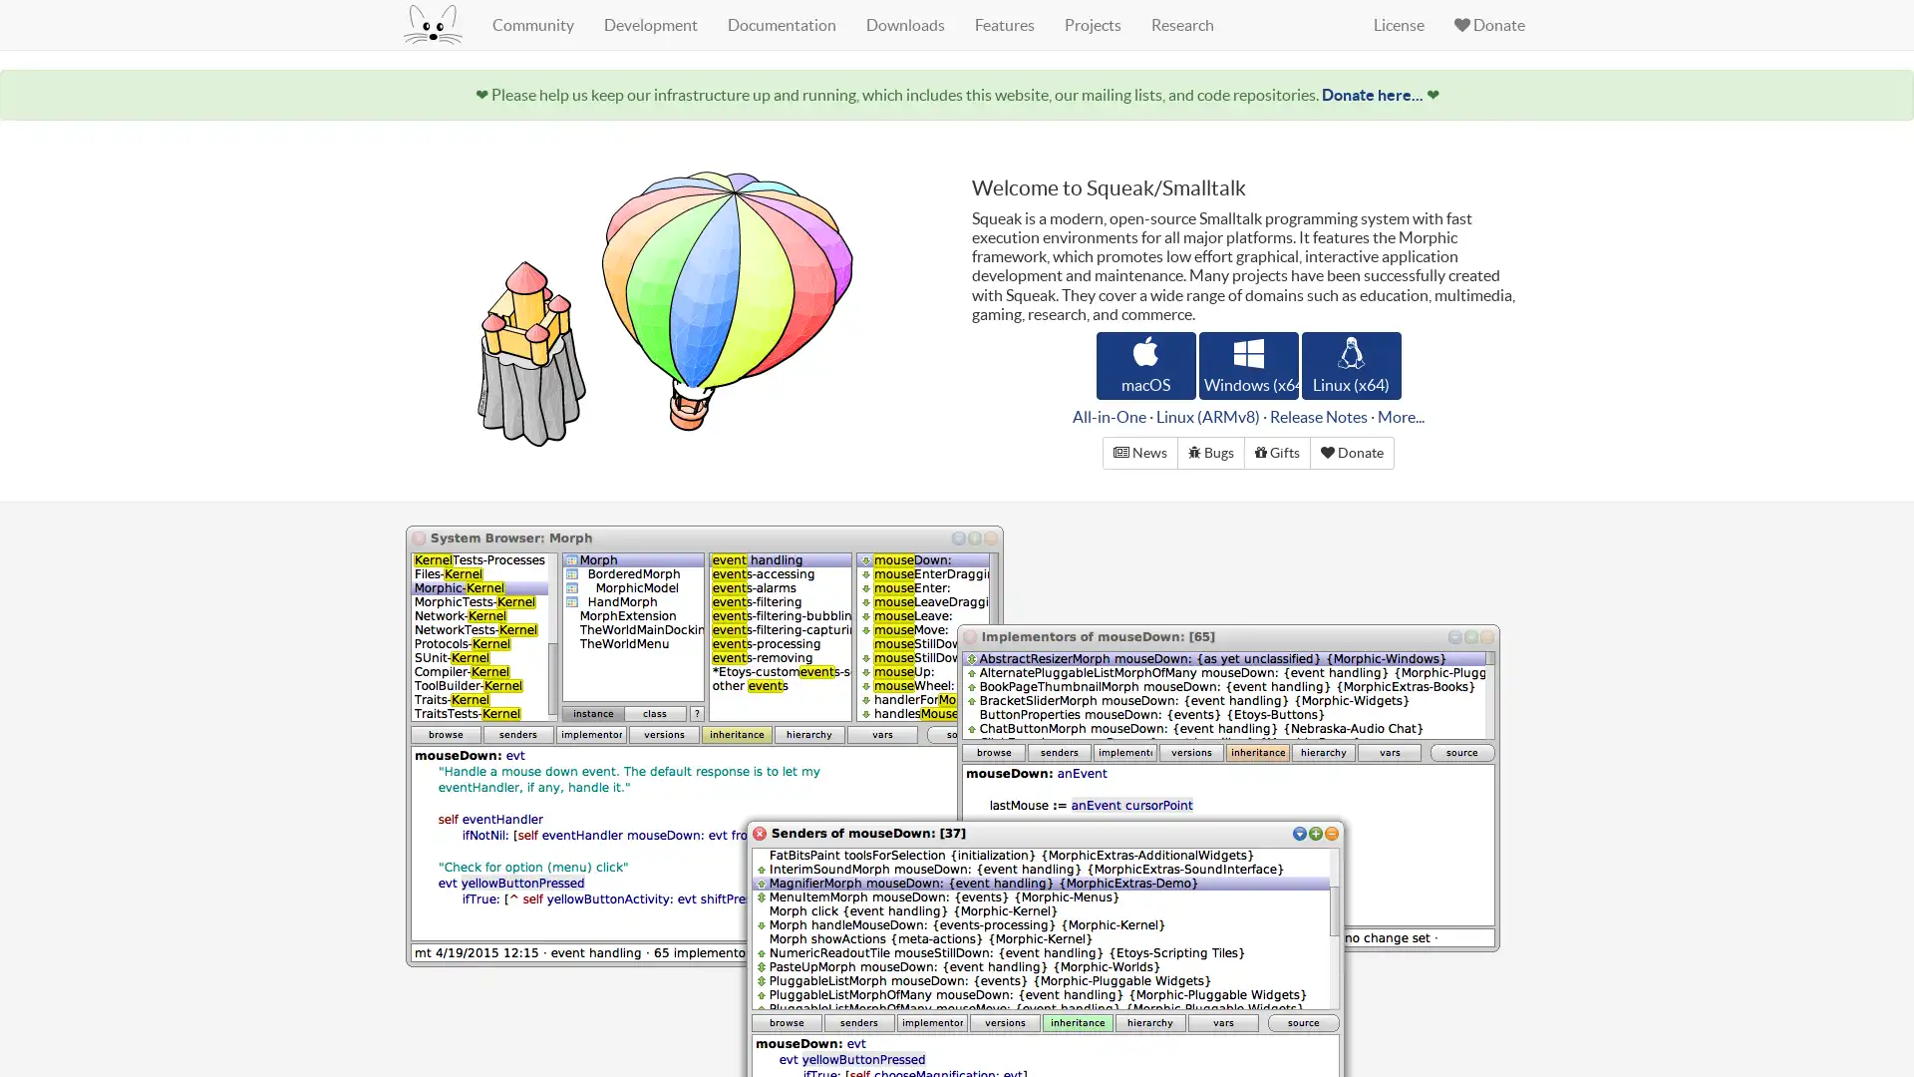 The image size is (1914, 1077). Describe the element at coordinates (1144, 365) in the screenshot. I see `macOS` at that location.